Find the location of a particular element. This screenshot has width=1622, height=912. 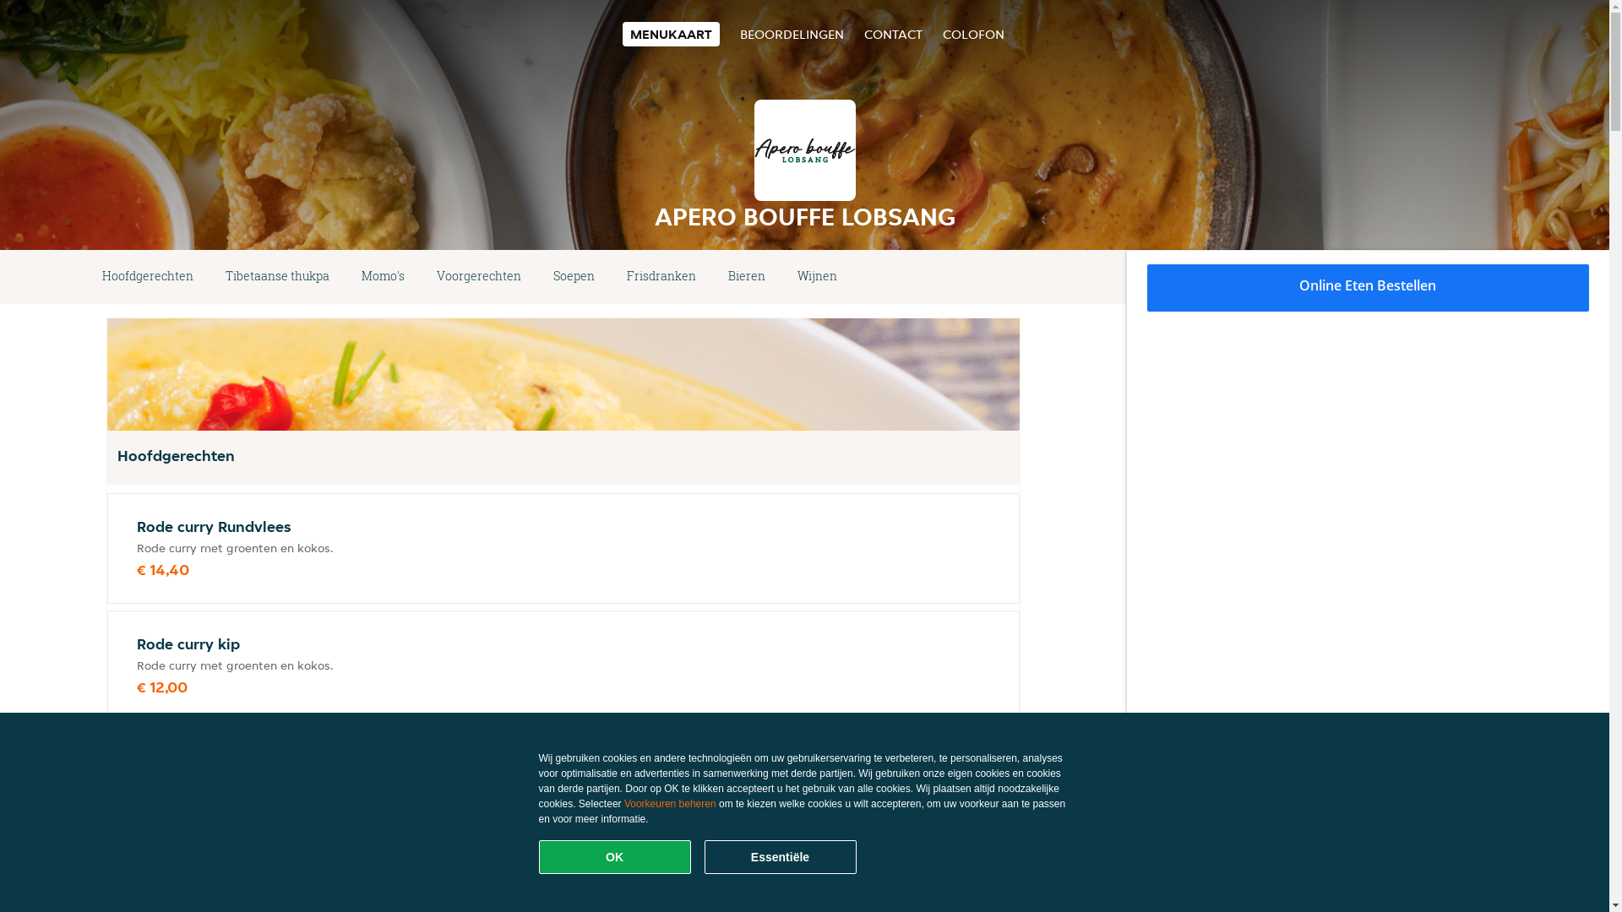

'Tibetaanse thukpa' is located at coordinates (277, 275).